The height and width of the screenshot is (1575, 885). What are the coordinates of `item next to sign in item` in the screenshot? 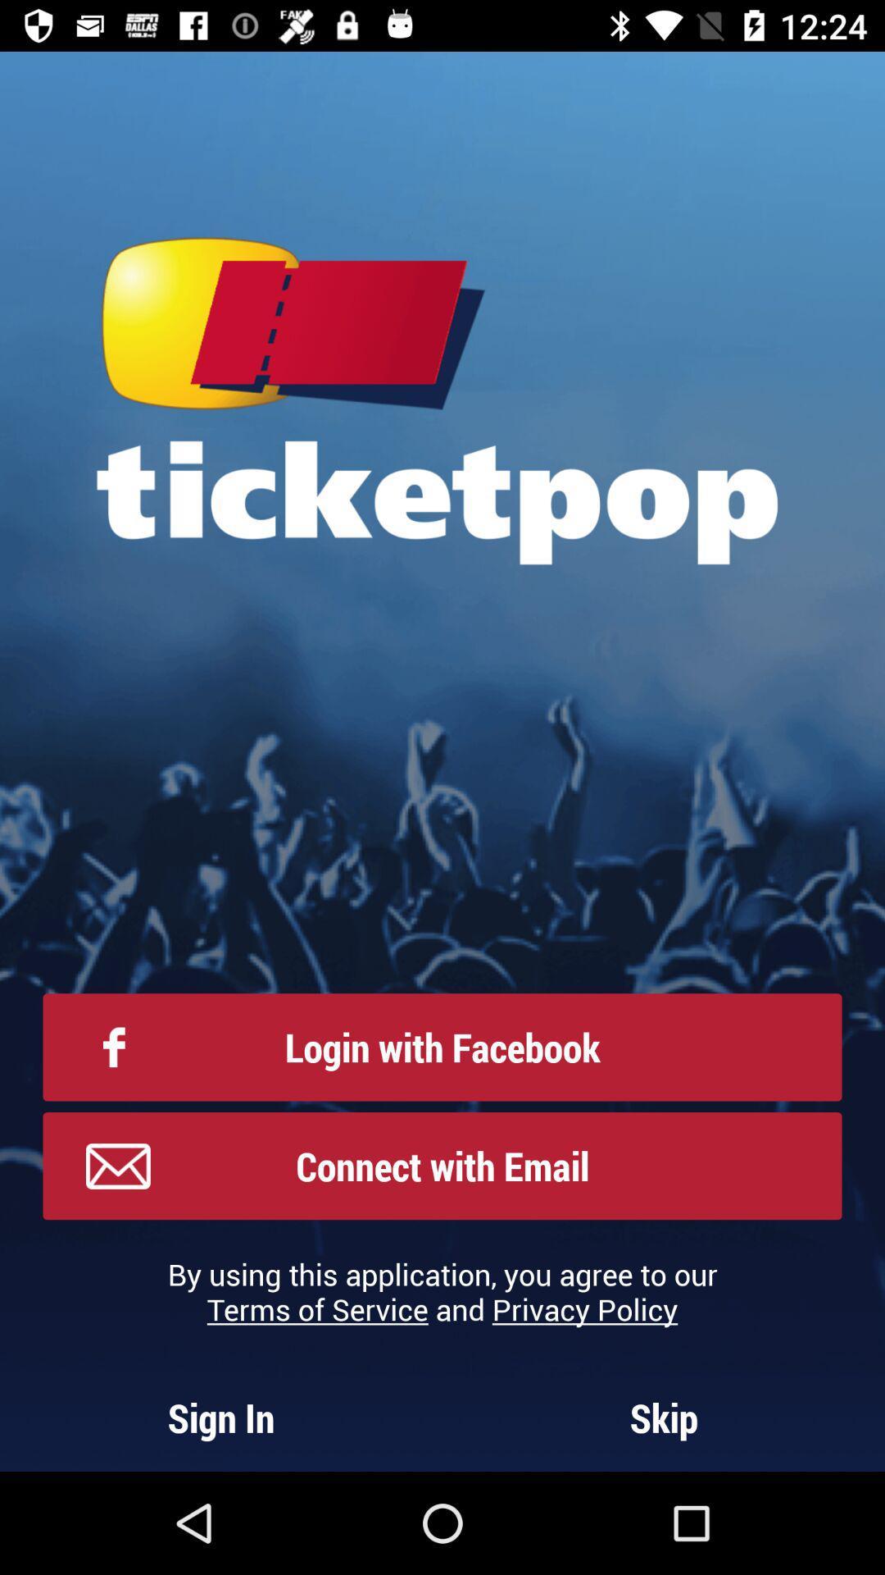 It's located at (664, 1417).